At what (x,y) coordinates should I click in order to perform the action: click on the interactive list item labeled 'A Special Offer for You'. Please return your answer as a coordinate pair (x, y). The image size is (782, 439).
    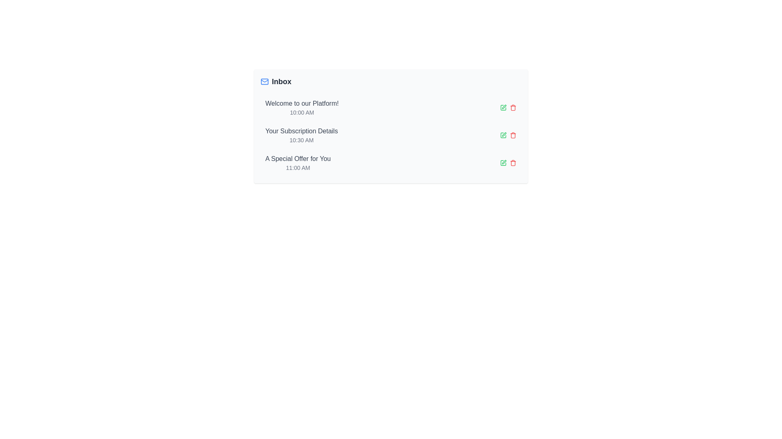
    Looking at the image, I should click on (390, 163).